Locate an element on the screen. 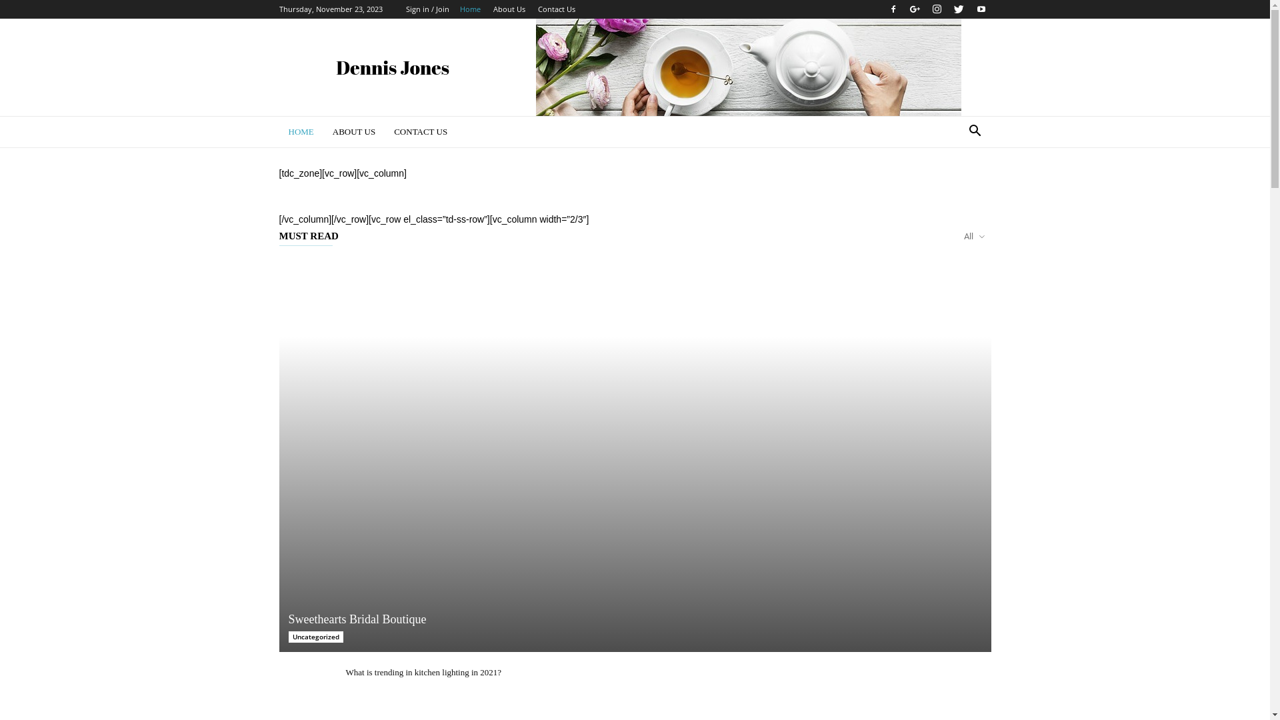 This screenshot has width=1280, height=720. 'Youtube' is located at coordinates (980, 9).